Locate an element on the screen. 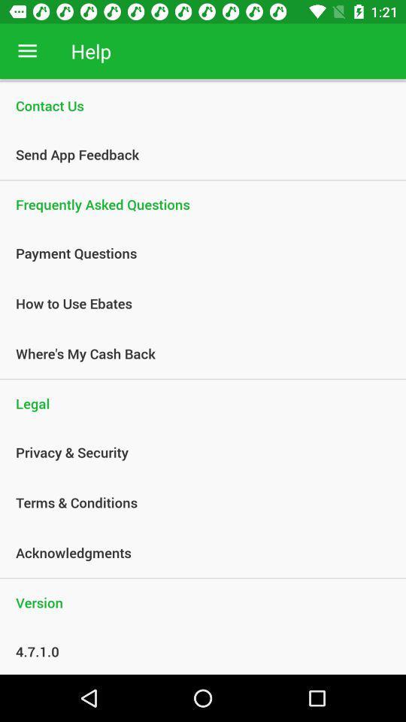  the item below contact us icon is located at coordinates (195, 154).